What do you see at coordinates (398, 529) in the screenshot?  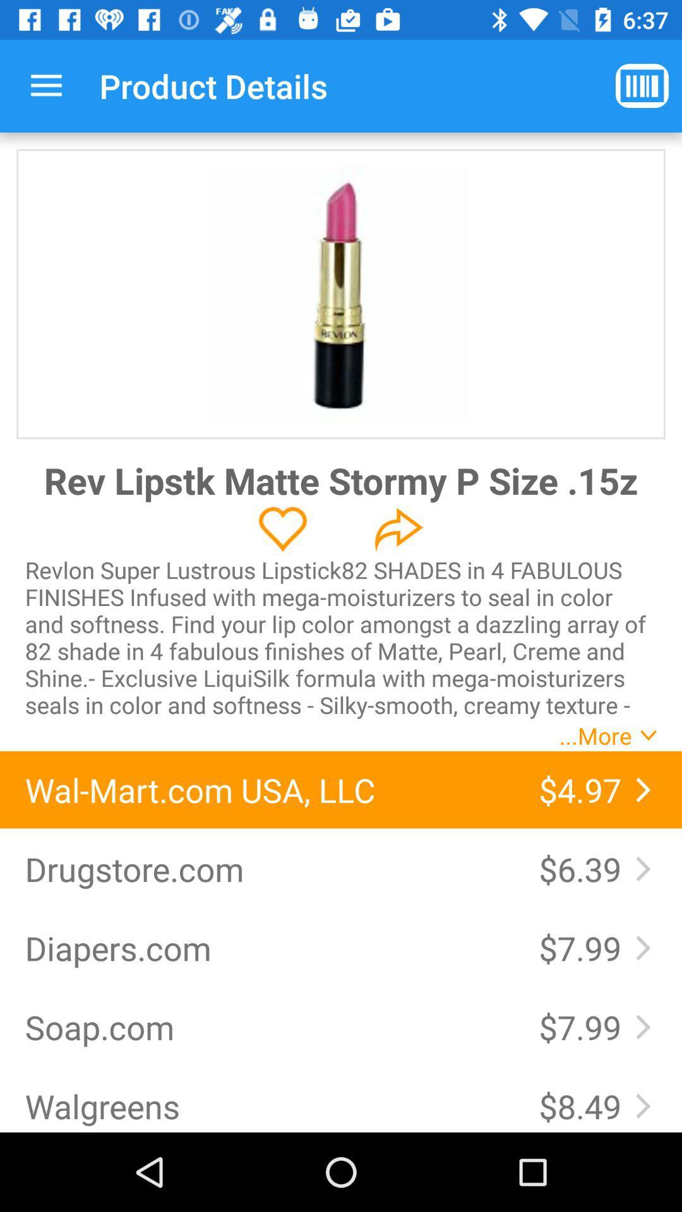 I see `share the product` at bounding box center [398, 529].